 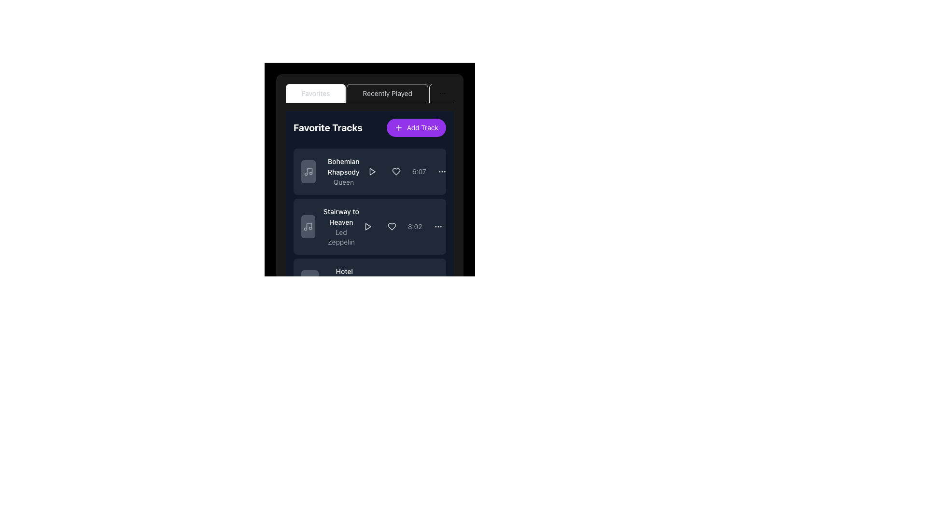 I want to click on the 'Recently Played' tab element, so click(x=387, y=93).